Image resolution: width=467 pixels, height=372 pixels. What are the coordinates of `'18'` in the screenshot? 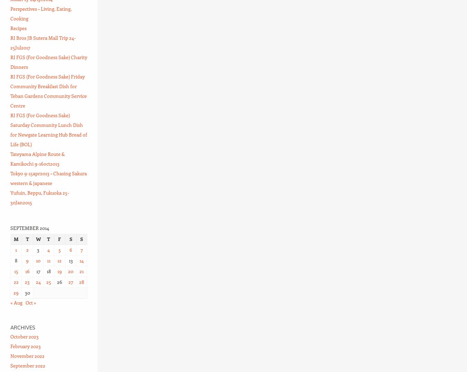 It's located at (48, 271).